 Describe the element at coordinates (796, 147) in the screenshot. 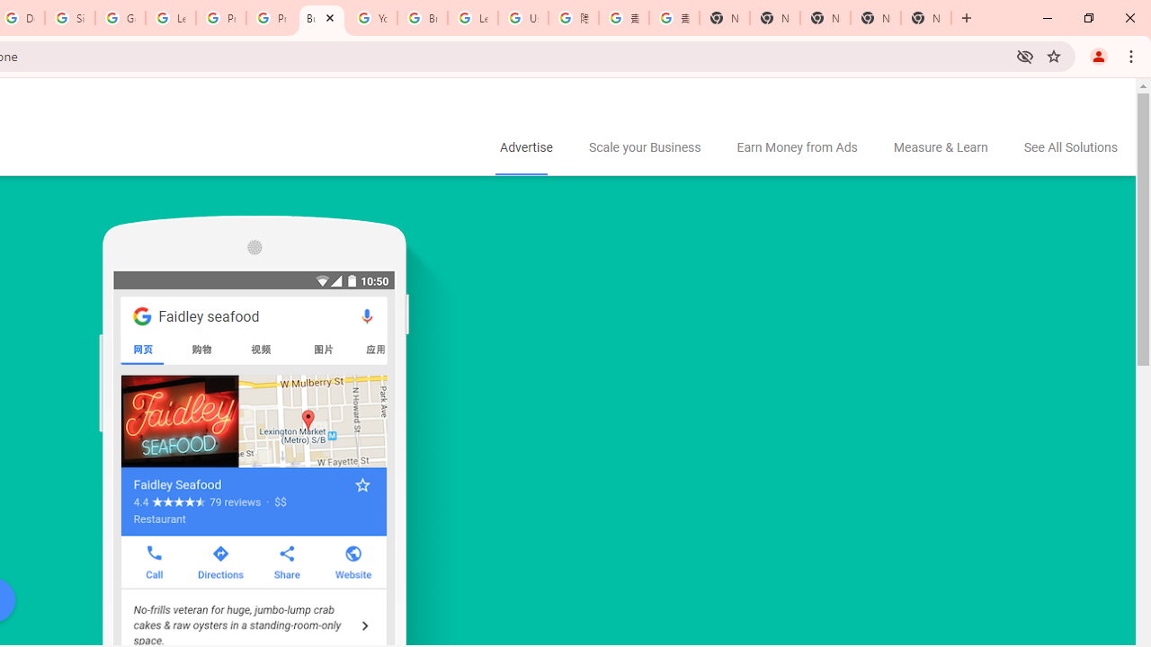

I see `'Earn Money from Ads'` at that location.